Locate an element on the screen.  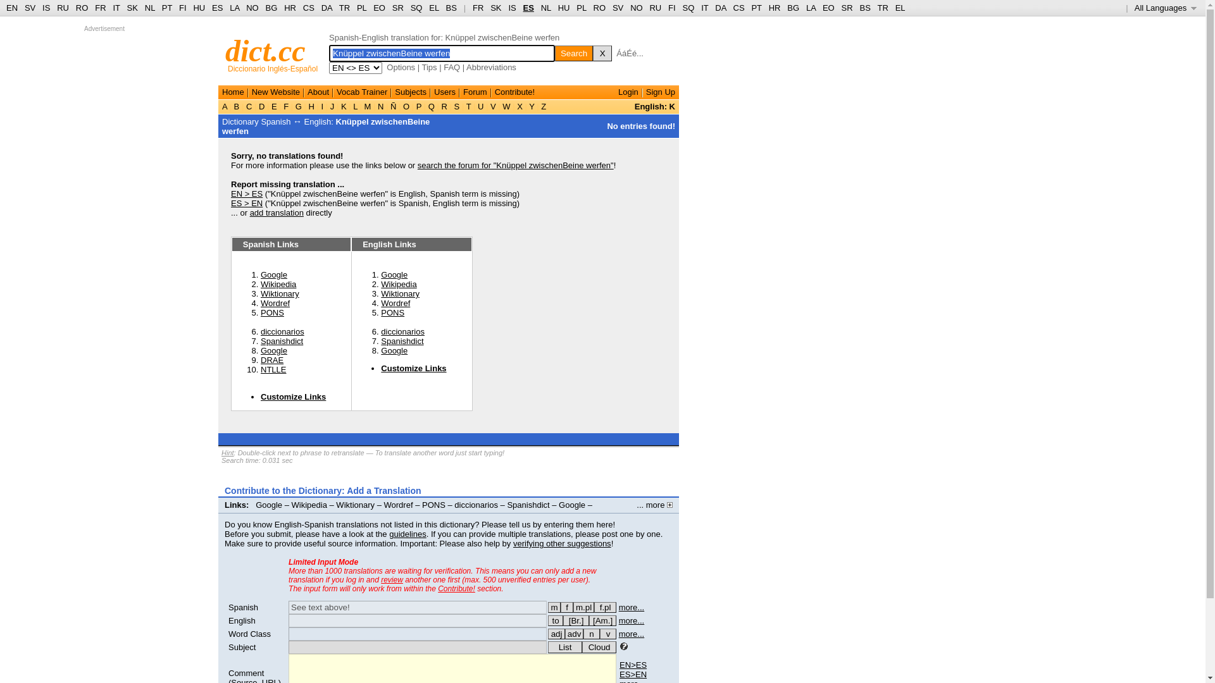
'X' is located at coordinates (601, 52).